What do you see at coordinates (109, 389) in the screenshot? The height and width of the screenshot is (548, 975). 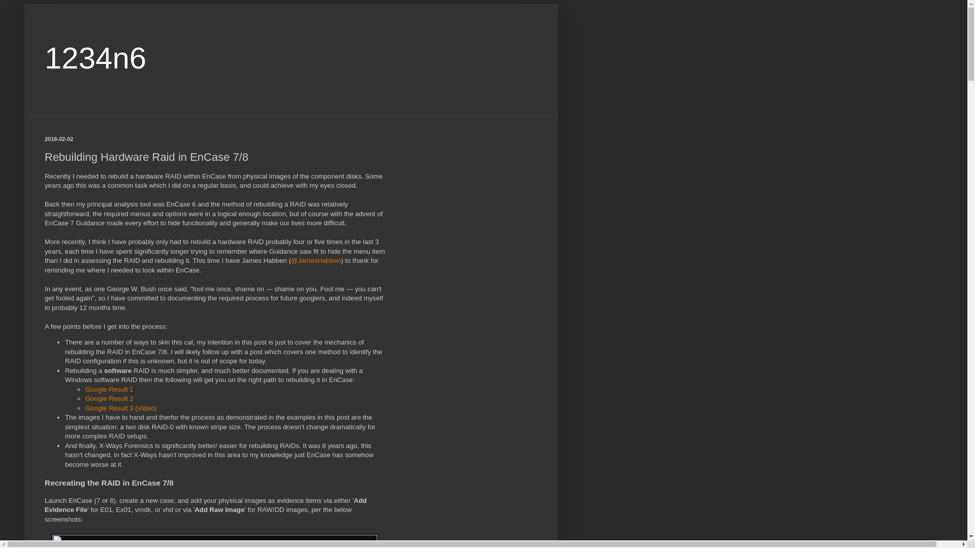 I see `'Google Result 1'` at bounding box center [109, 389].